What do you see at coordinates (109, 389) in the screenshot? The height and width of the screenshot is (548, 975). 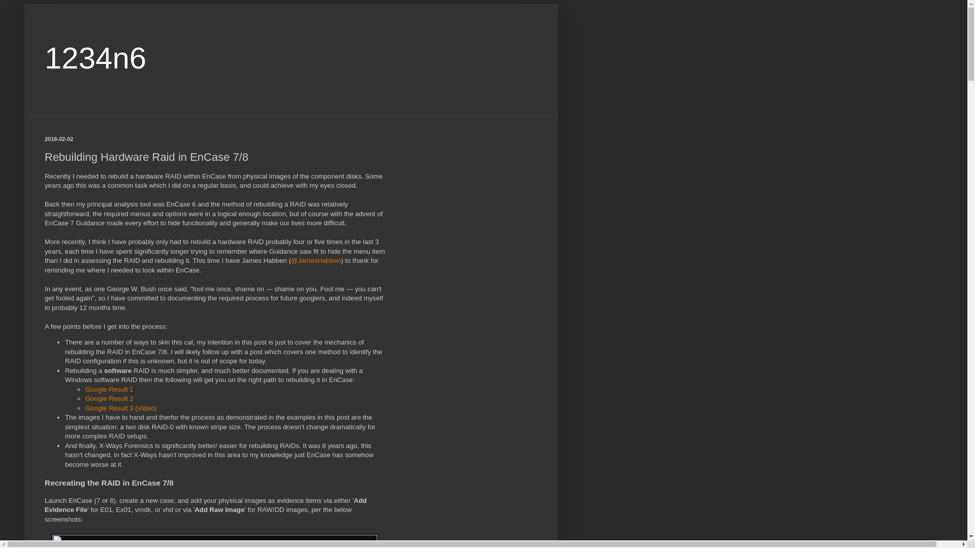 I see `'Google Result 1'` at bounding box center [109, 389].